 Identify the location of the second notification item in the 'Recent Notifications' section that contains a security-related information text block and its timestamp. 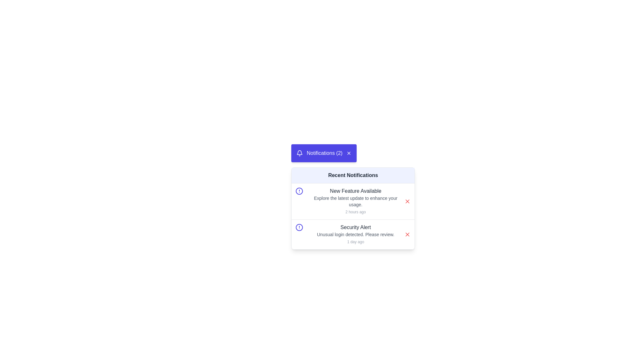
(355, 234).